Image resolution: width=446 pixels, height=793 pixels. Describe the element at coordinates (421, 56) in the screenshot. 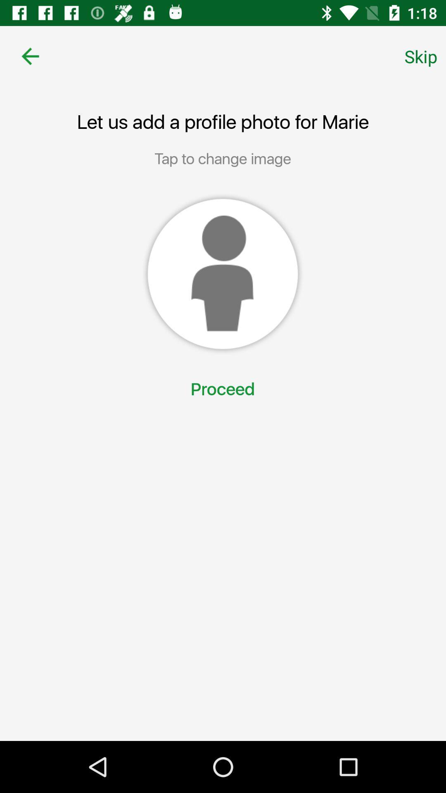

I see `item at the top right corner` at that location.